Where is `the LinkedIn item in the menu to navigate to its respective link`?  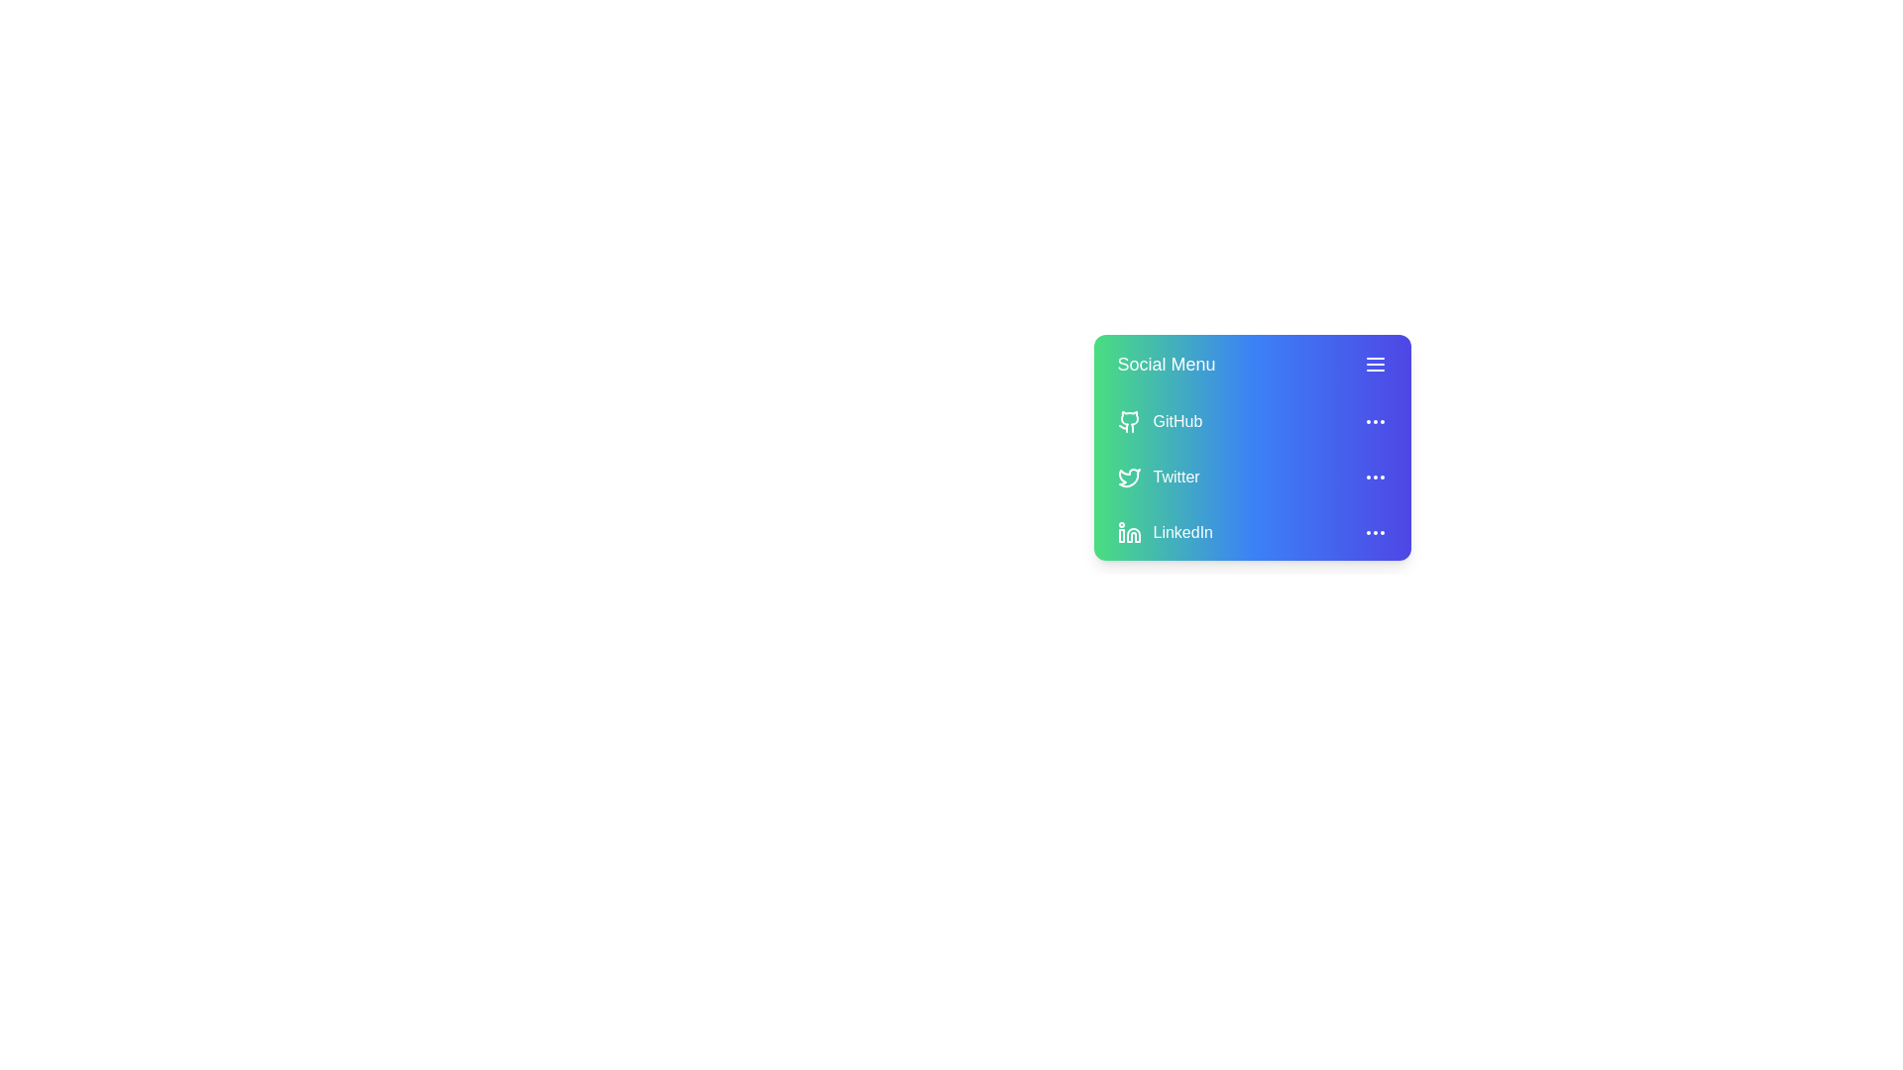
the LinkedIn item in the menu to navigate to its respective link is located at coordinates (1182, 531).